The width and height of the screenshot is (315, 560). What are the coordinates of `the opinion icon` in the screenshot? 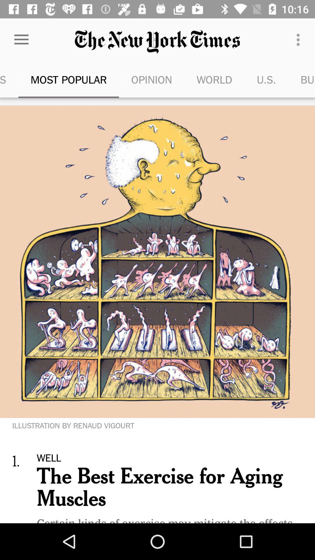 It's located at (151, 79).